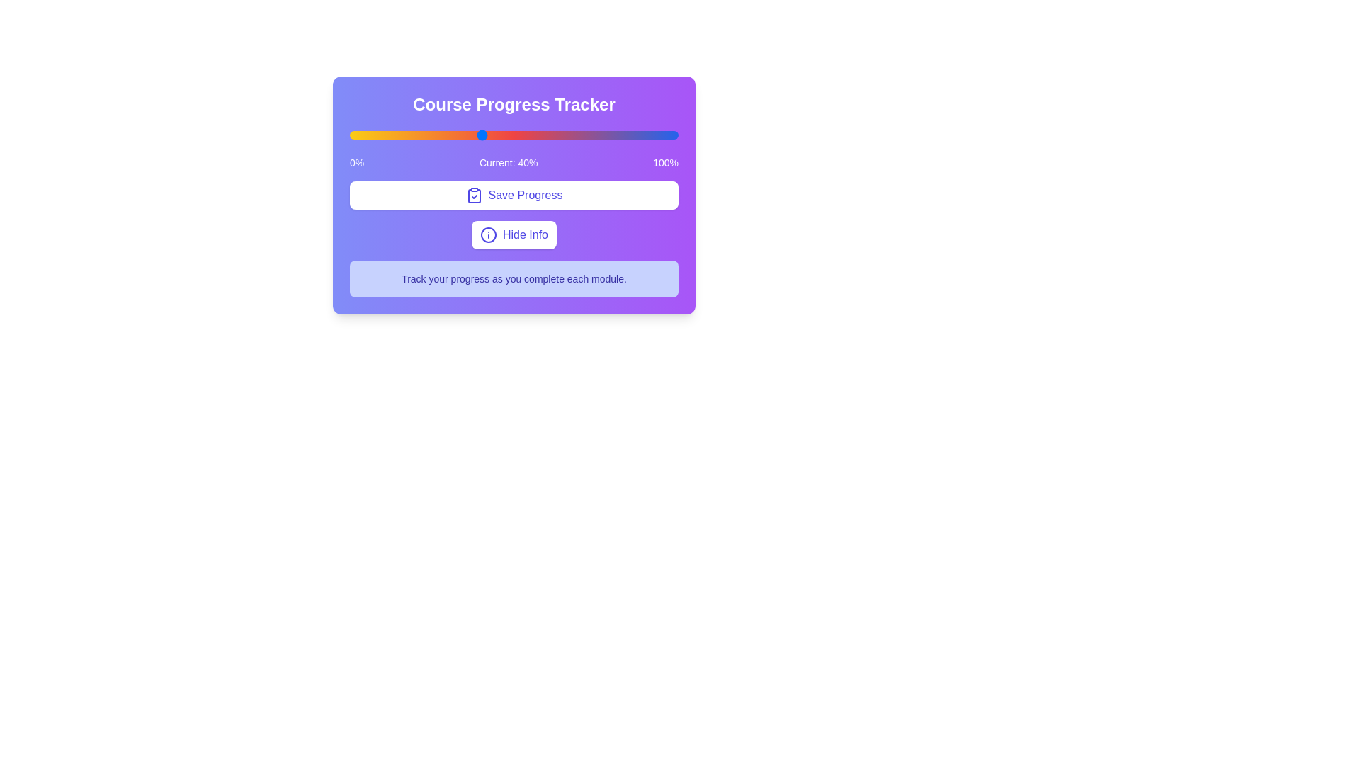  What do you see at coordinates (504, 135) in the screenshot?
I see `the course progress` at bounding box center [504, 135].